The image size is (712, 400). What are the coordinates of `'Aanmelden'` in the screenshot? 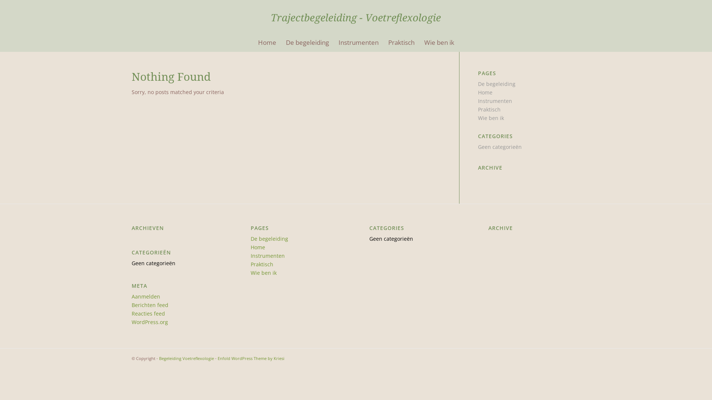 It's located at (146, 296).